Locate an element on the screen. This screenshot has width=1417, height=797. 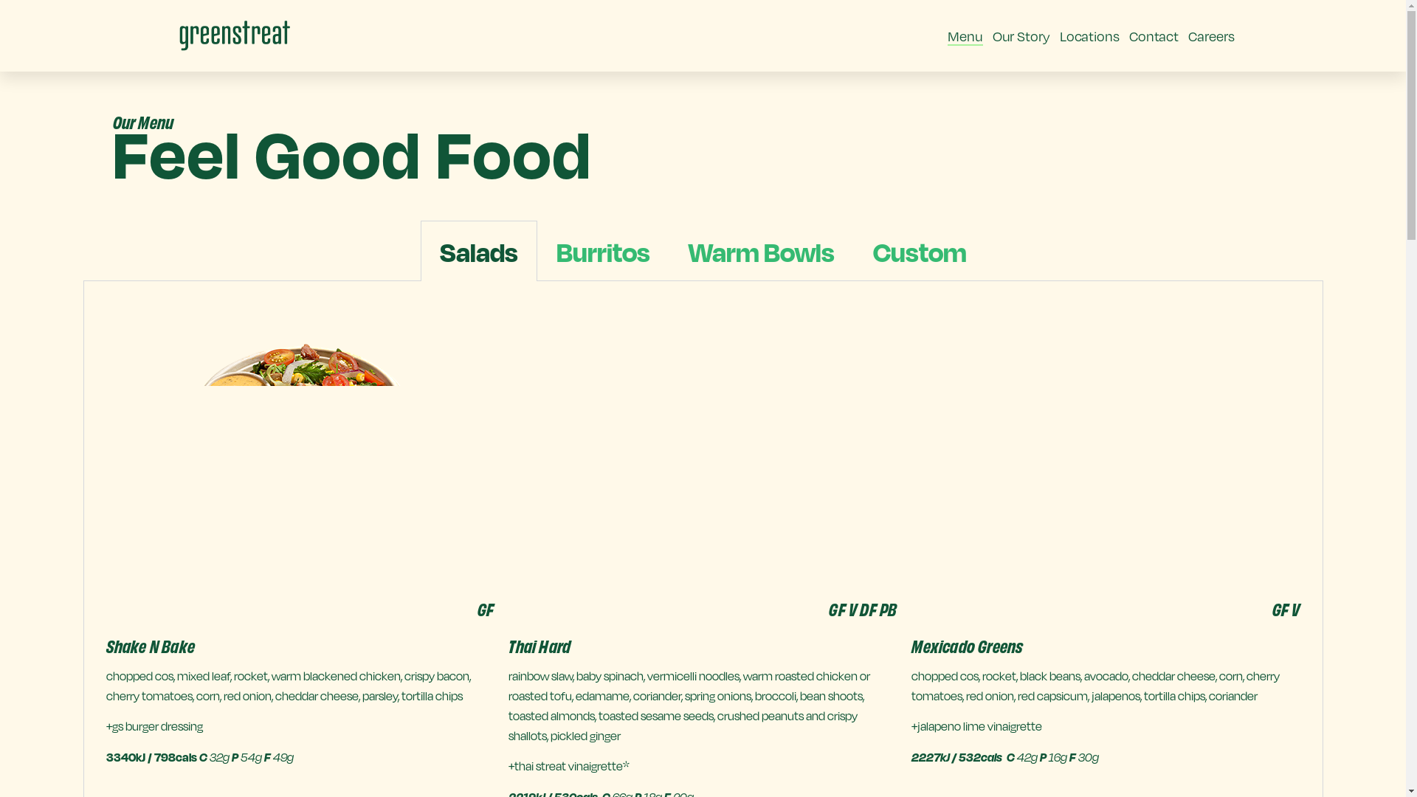
'Careers' is located at coordinates (1187, 35).